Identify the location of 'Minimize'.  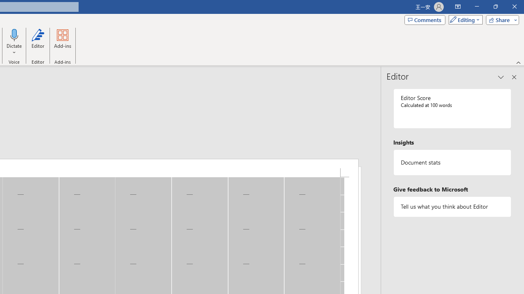
(477, 7).